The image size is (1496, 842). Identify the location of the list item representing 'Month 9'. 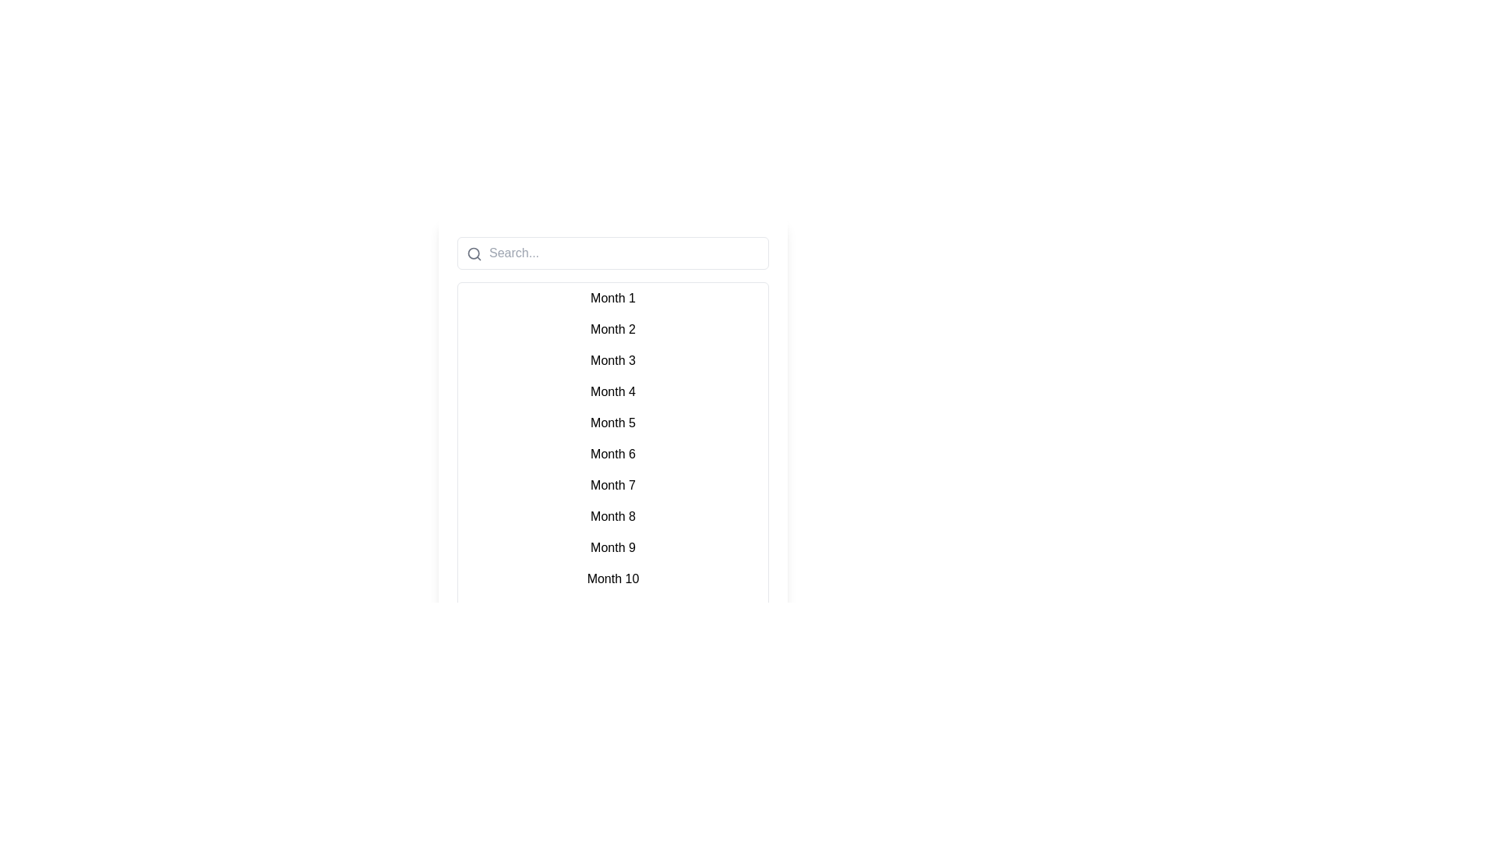
(612, 547).